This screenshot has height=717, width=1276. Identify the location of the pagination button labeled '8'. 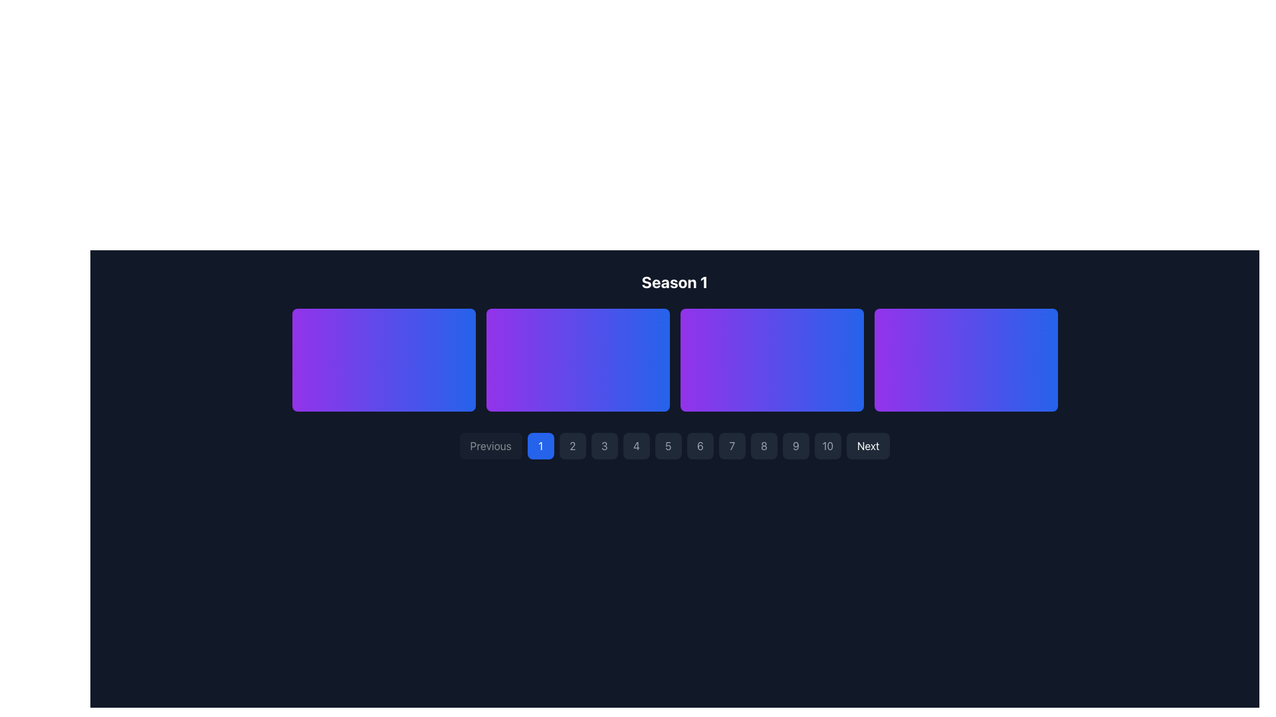
(764, 446).